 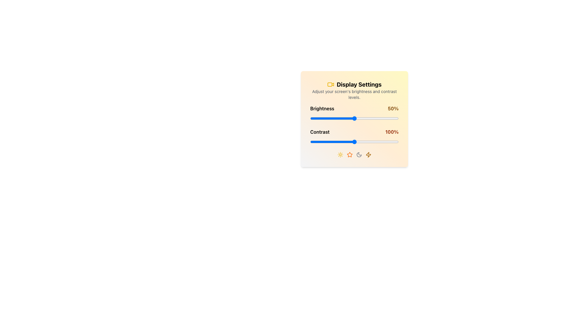 What do you see at coordinates (354, 118) in the screenshot?
I see `the horizontal brightness slider located in the settings interface, directly below the 'Brightness' label and to the left of the '50%' indicator` at bounding box center [354, 118].